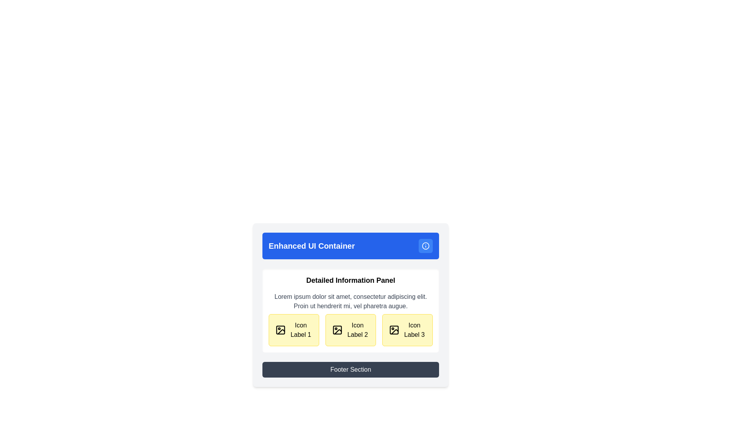 The image size is (752, 423). Describe the element at coordinates (350, 330) in the screenshot. I see `the informational card located in the middle of the grid, positioned between 'Icon Label 1' and 'Icon Label 3'` at that location.